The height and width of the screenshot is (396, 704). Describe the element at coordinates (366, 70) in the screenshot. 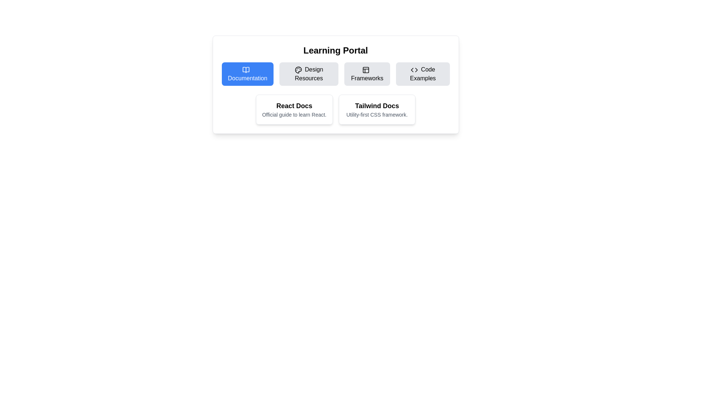

I see `the compact layout-like icon that is part of the 'Frameworks' button, located to the left of the text label 'Frameworks'` at that location.